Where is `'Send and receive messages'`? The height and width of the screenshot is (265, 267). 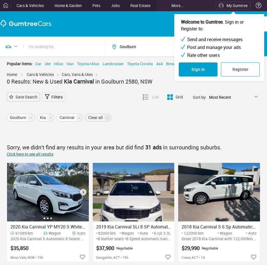
'Send and receive messages' is located at coordinates (214, 39).